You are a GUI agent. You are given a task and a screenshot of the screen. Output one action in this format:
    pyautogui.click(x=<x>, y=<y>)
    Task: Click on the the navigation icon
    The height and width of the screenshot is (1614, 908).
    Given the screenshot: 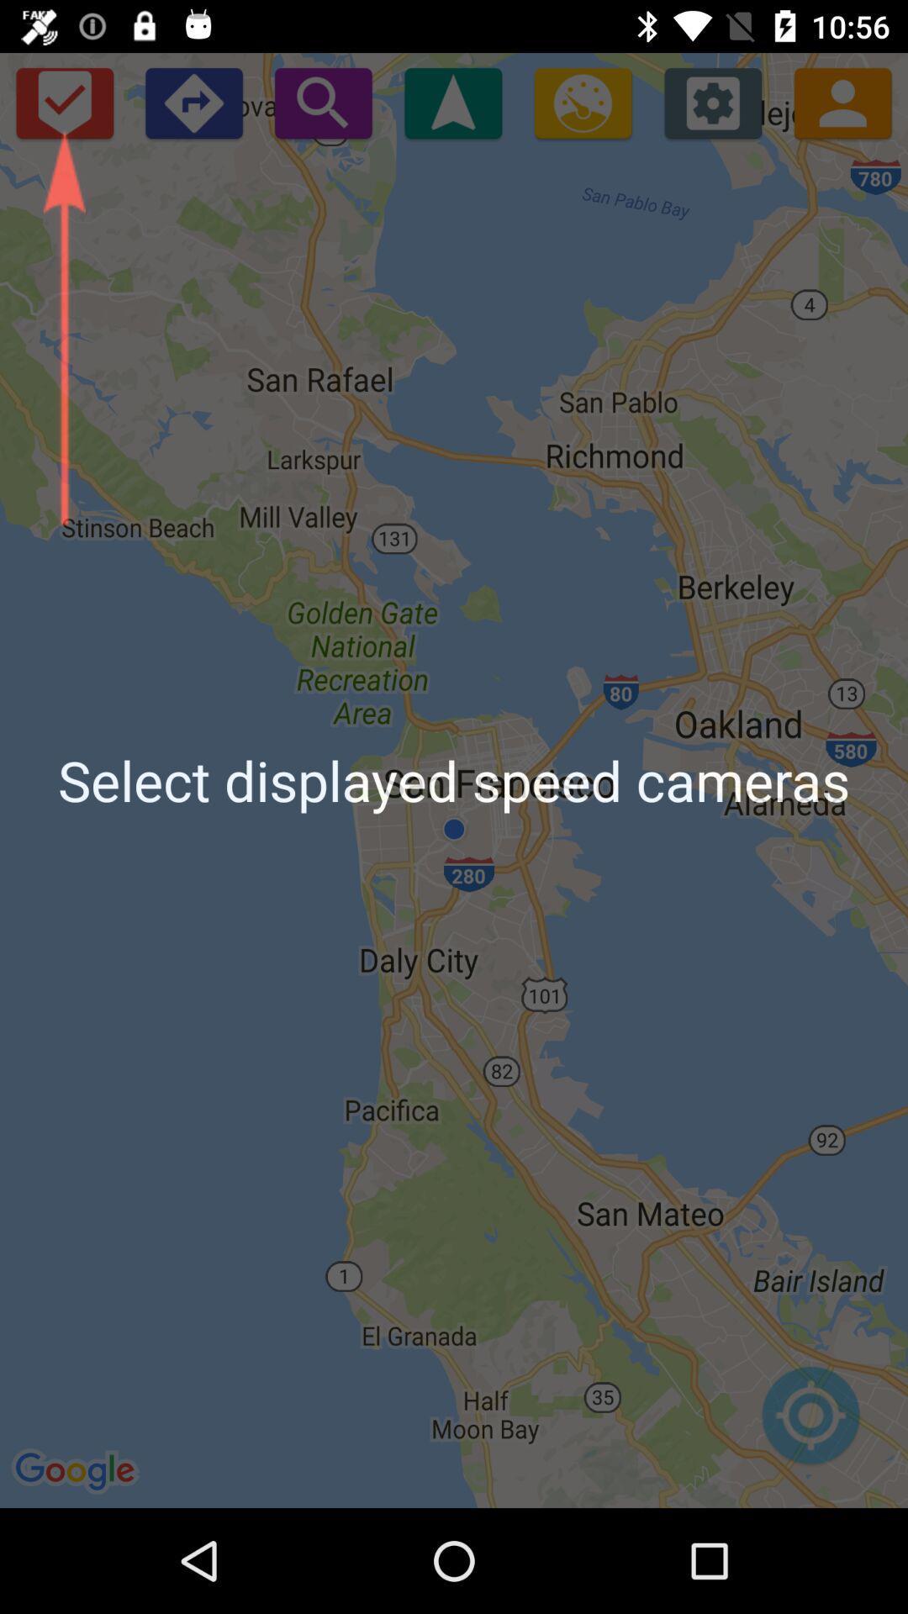 What is the action you would take?
    pyautogui.click(x=452, y=102)
    